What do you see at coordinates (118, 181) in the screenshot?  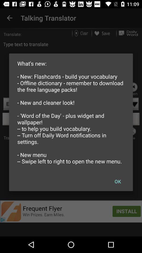 I see `the ok item` at bounding box center [118, 181].